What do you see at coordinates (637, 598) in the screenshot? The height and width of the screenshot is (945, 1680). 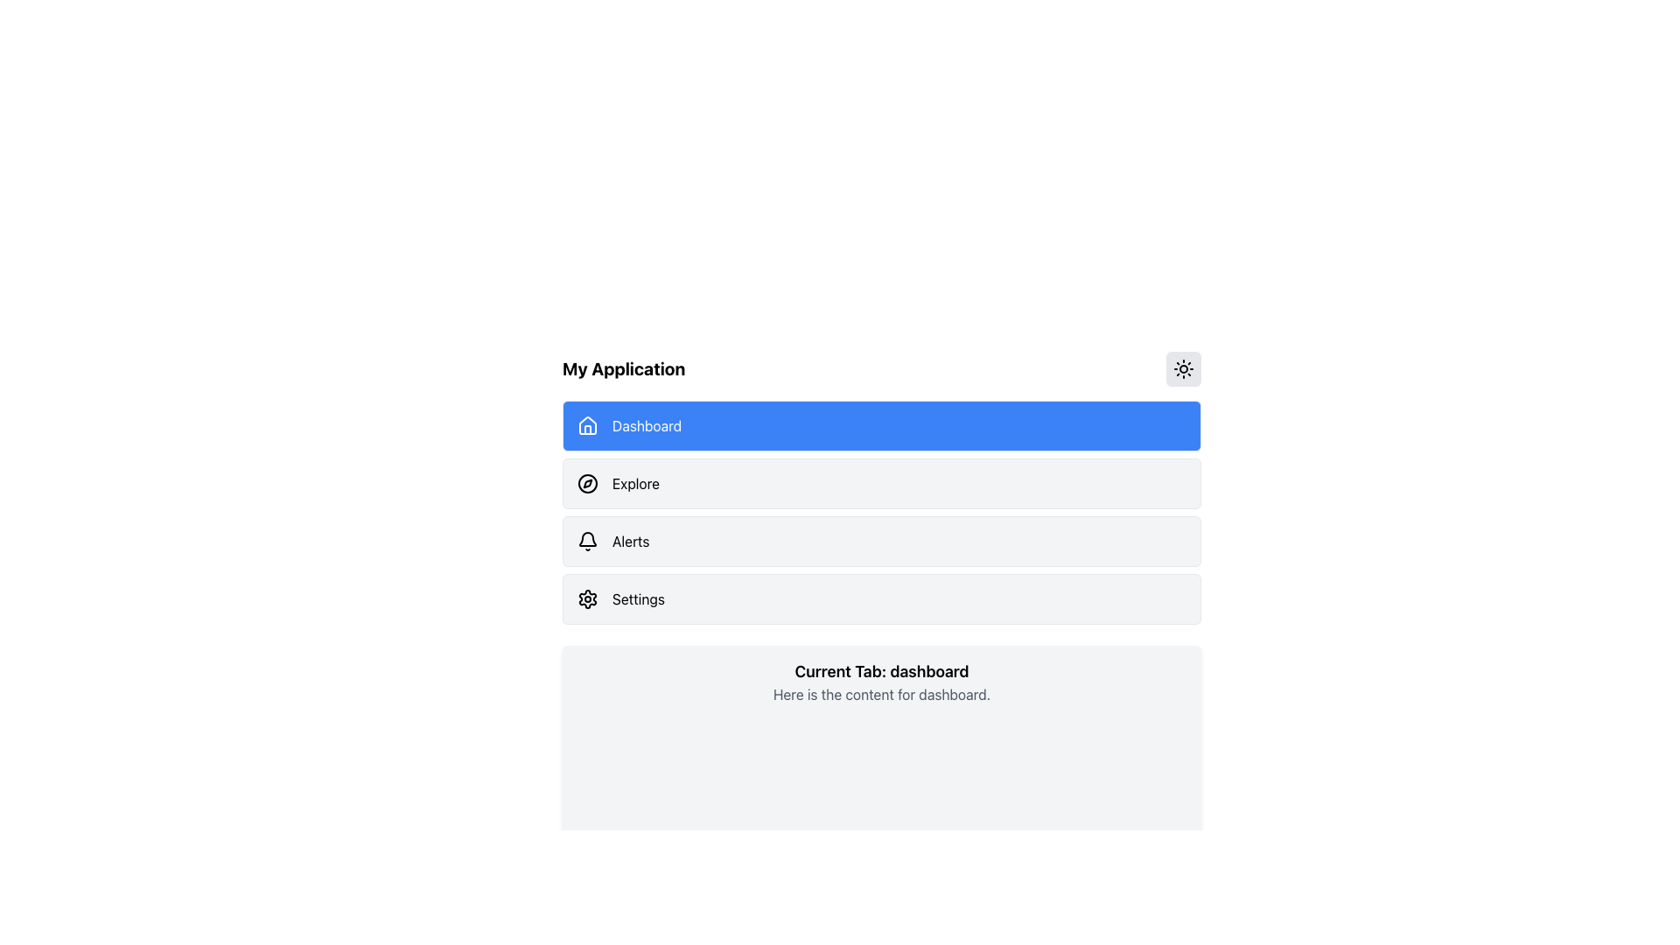 I see `the 'Settings' text label in the navigational menu` at bounding box center [637, 598].